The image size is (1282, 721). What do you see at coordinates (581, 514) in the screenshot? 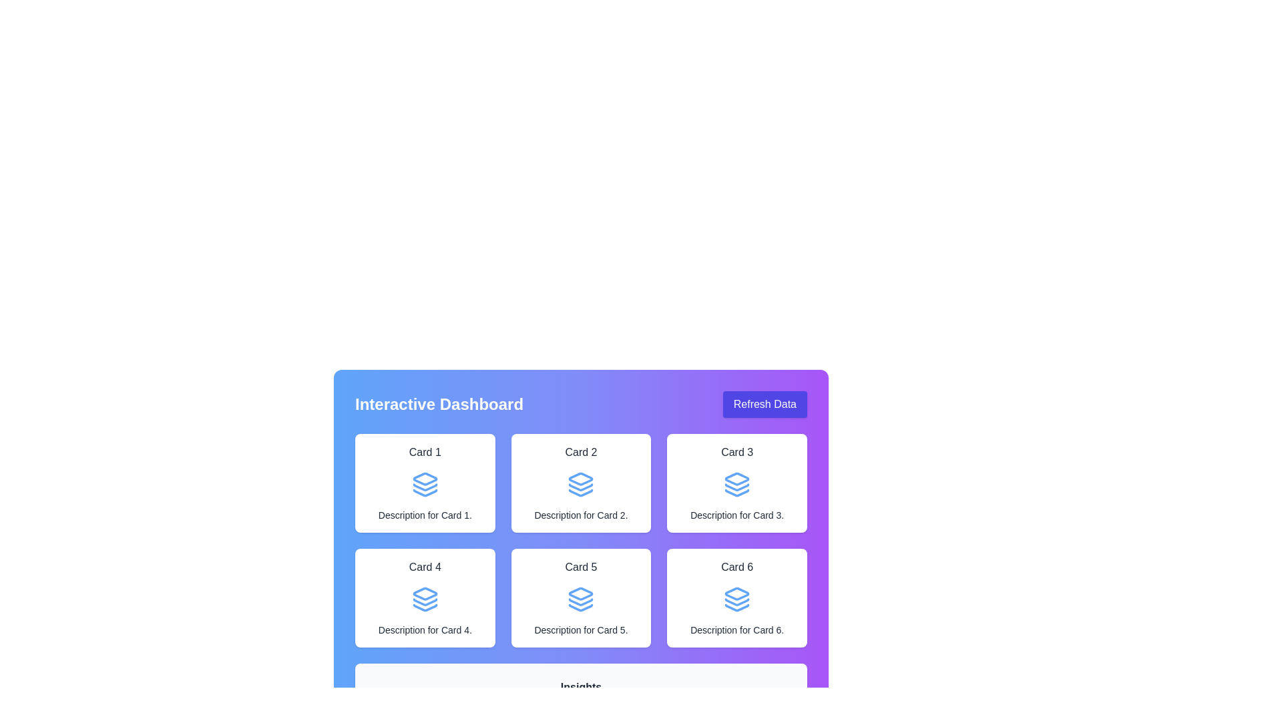
I see `the text element that provides additional details about 'Card 2', located centrally at the bottom of the card` at bounding box center [581, 514].